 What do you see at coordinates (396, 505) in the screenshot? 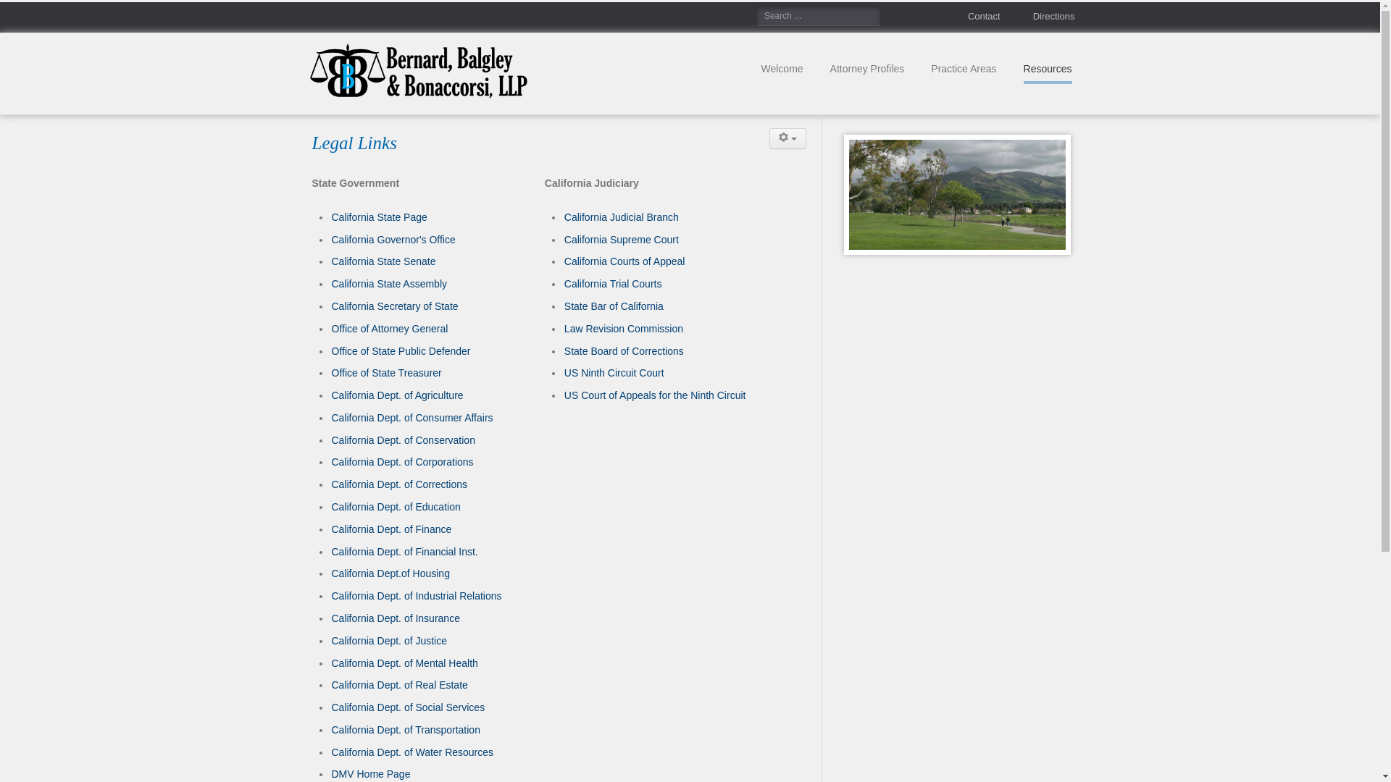
I see `'California Dept. of Education'` at bounding box center [396, 505].